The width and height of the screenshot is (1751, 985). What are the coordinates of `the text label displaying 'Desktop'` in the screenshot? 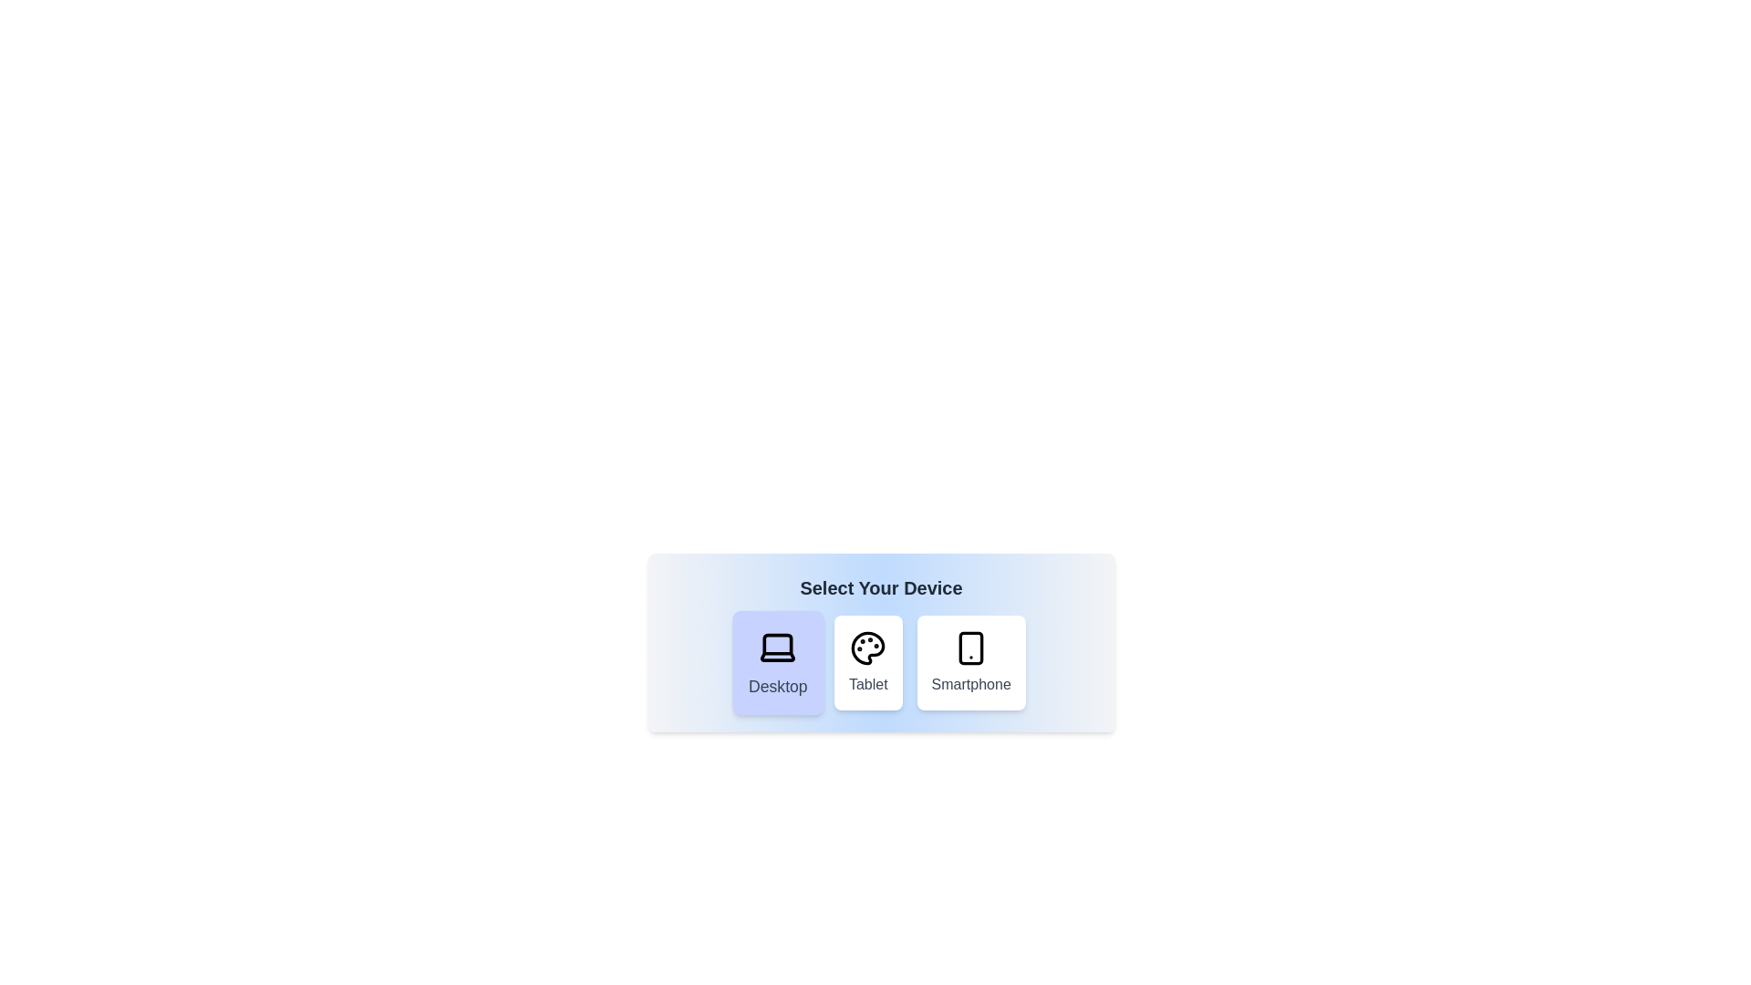 It's located at (778, 687).